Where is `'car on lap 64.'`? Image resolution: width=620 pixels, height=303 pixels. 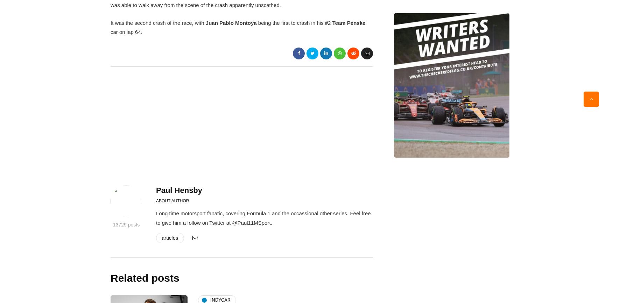
'car on lap 64.' is located at coordinates (126, 32).